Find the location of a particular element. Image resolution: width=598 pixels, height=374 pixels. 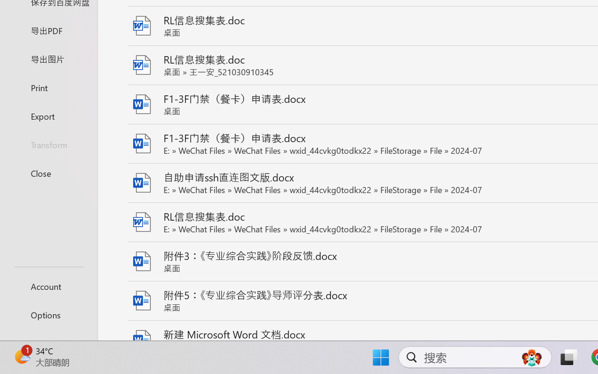

'Close' is located at coordinates (48, 173).